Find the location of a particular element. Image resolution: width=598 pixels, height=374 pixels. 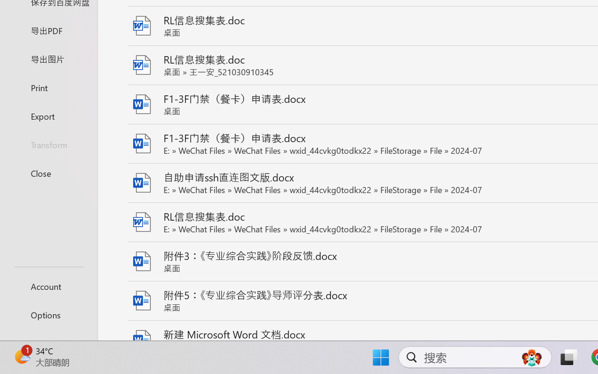

'Close' is located at coordinates (48, 173).